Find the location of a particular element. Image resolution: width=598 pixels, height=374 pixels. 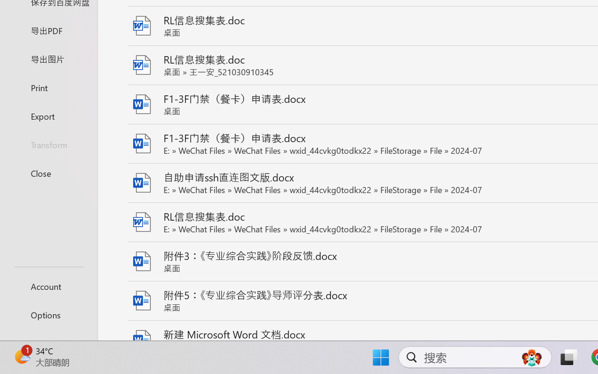

'Close' is located at coordinates (48, 173).